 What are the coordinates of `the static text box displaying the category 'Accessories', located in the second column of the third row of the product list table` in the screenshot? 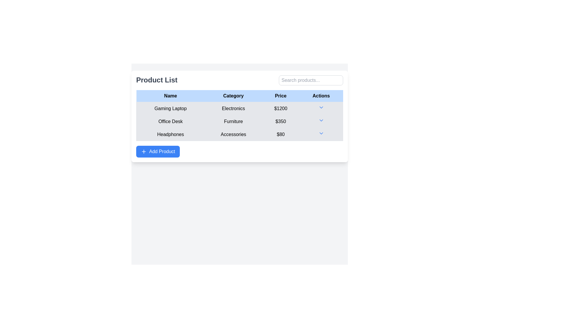 It's located at (233, 134).